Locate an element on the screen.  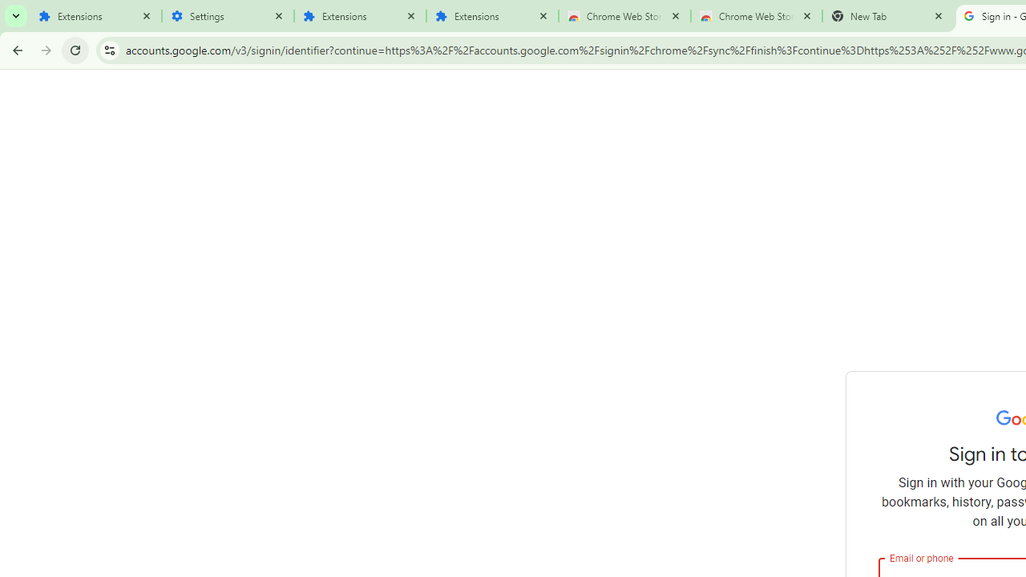
'Search tabs' is located at coordinates (16, 16).